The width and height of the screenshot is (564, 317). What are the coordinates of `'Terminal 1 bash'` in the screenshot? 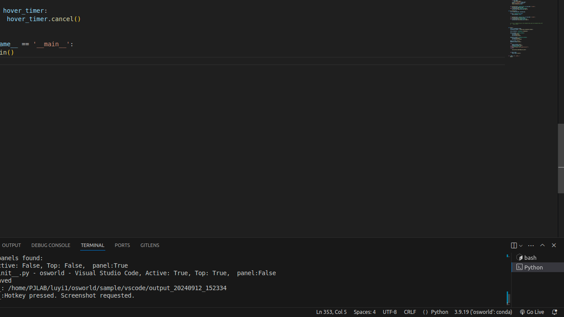 It's located at (537, 258).